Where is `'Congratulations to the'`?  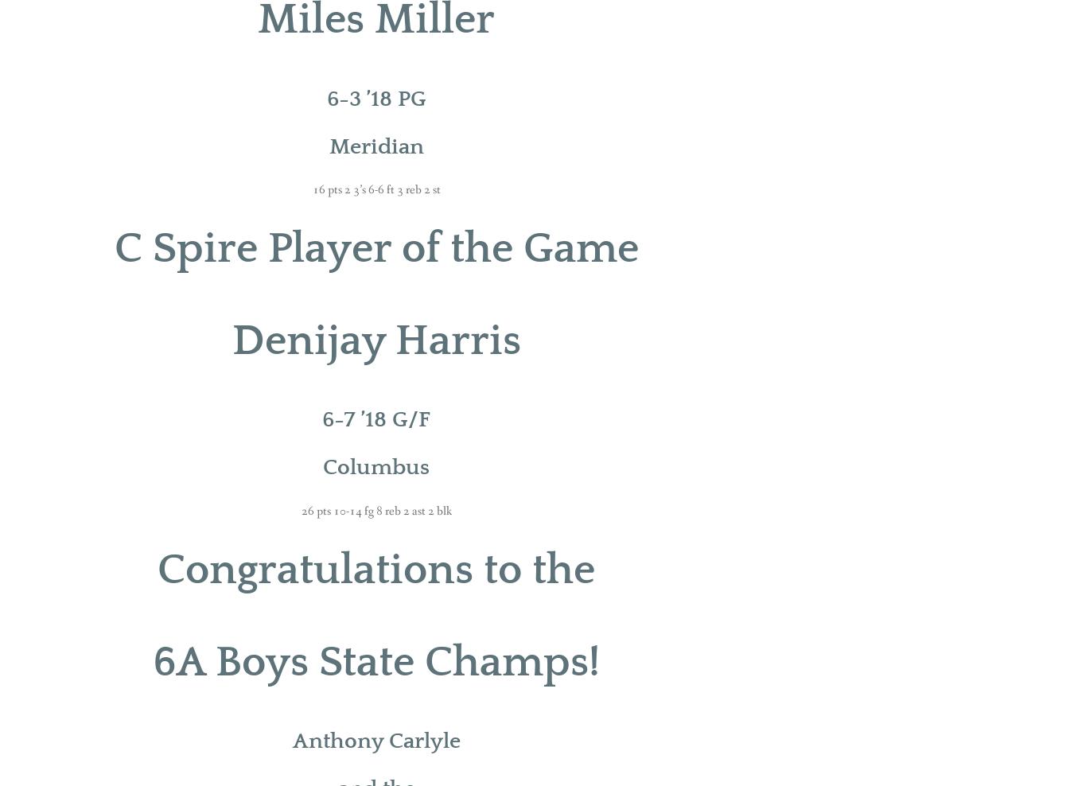
'Congratulations to the' is located at coordinates (158, 570).